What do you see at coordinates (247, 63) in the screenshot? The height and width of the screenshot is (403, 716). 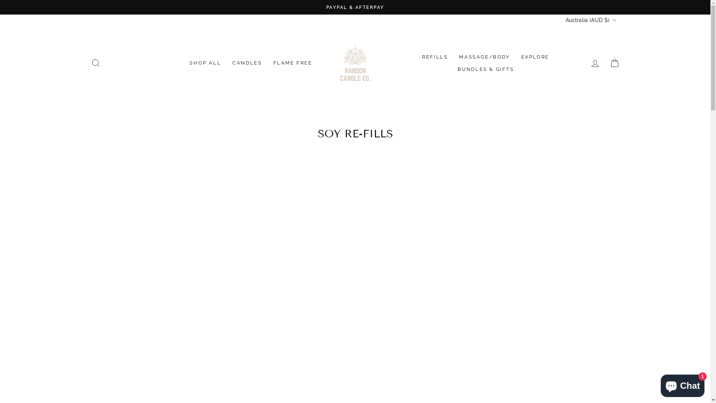 I see `'CANDLES'` at bounding box center [247, 63].